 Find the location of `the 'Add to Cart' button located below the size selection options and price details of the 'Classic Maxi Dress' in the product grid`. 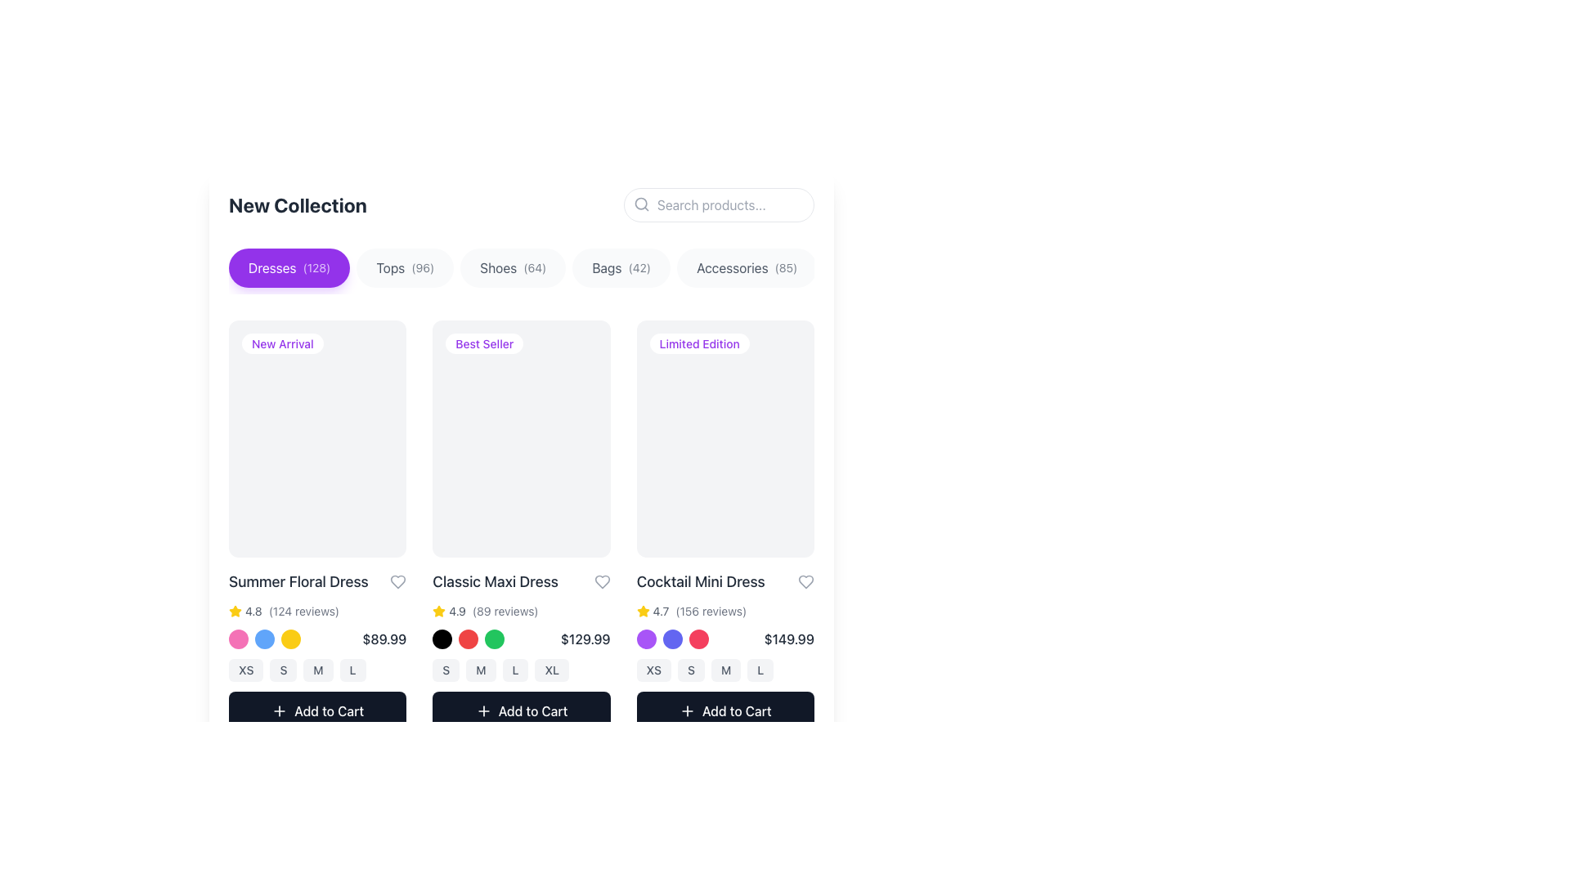

the 'Add to Cart' button located below the size selection options and price details of the 'Classic Maxi Dress' in the product grid is located at coordinates (521, 710).